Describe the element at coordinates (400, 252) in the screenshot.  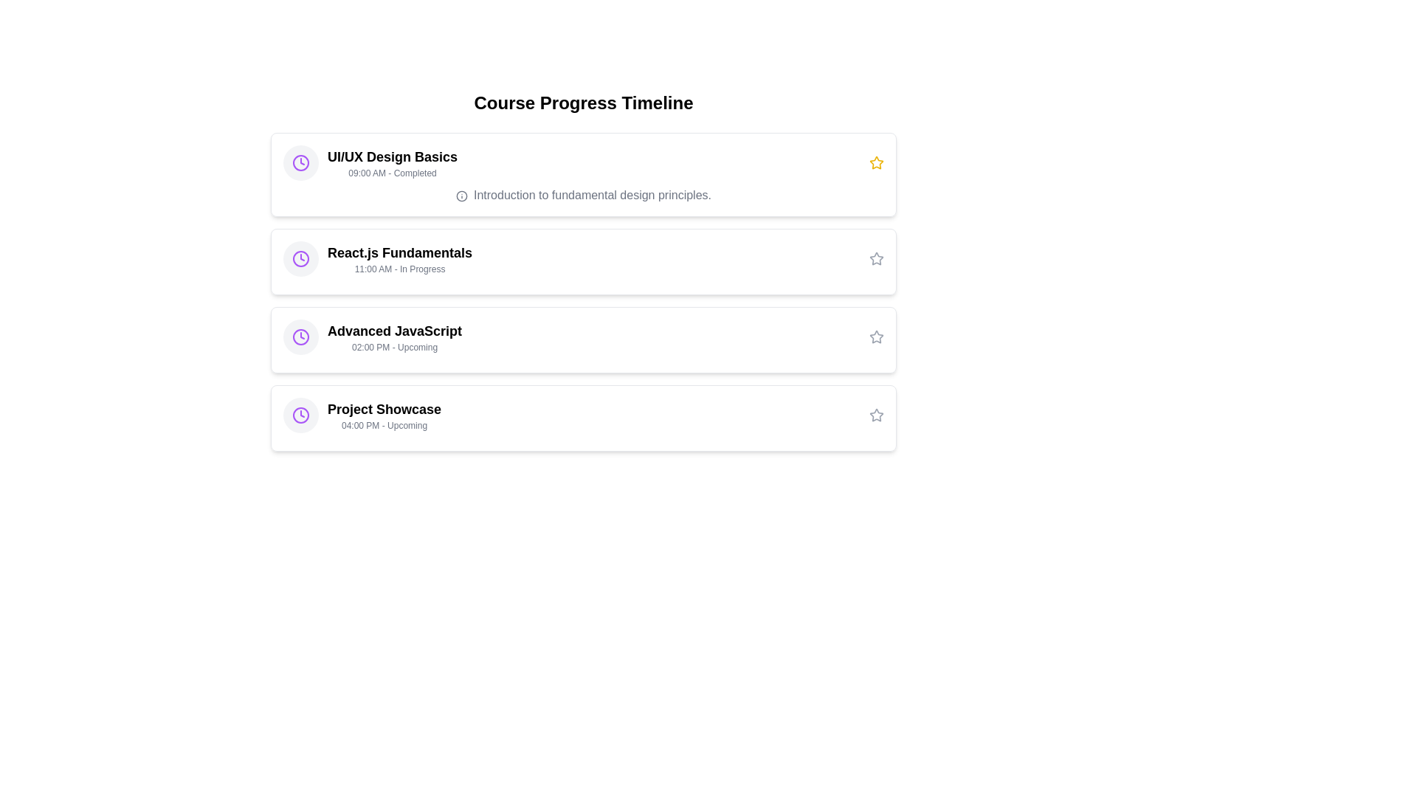
I see `the text label 'React.js Fundamentals', which serves as the title of the course entry in the timeline, located above the smaller text '11:00 AM - In Progress'` at that location.